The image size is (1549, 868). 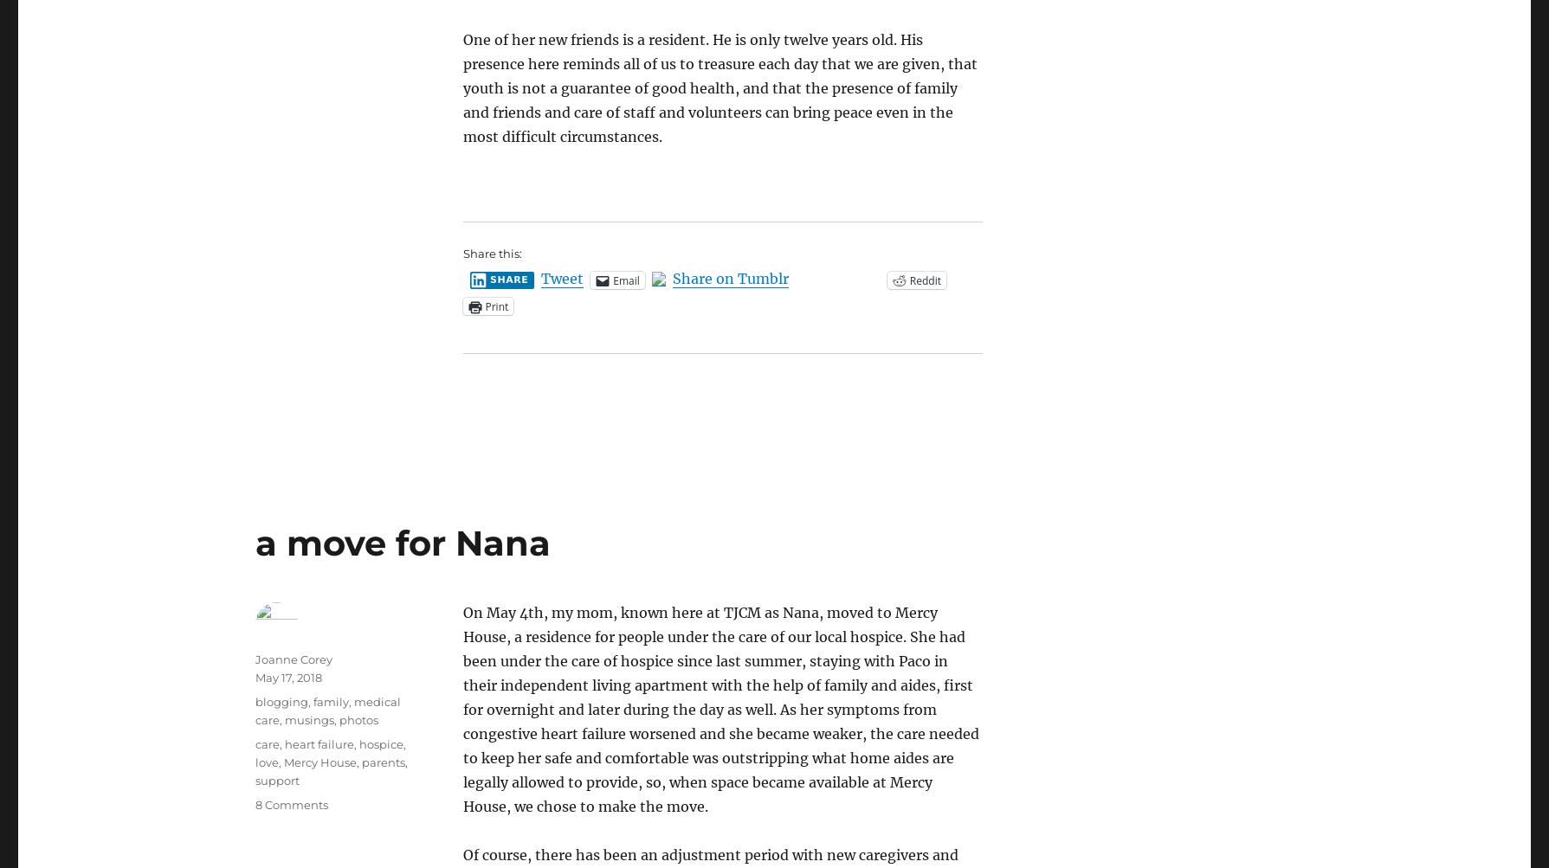 I want to click on 'blogging', so click(x=280, y=702).